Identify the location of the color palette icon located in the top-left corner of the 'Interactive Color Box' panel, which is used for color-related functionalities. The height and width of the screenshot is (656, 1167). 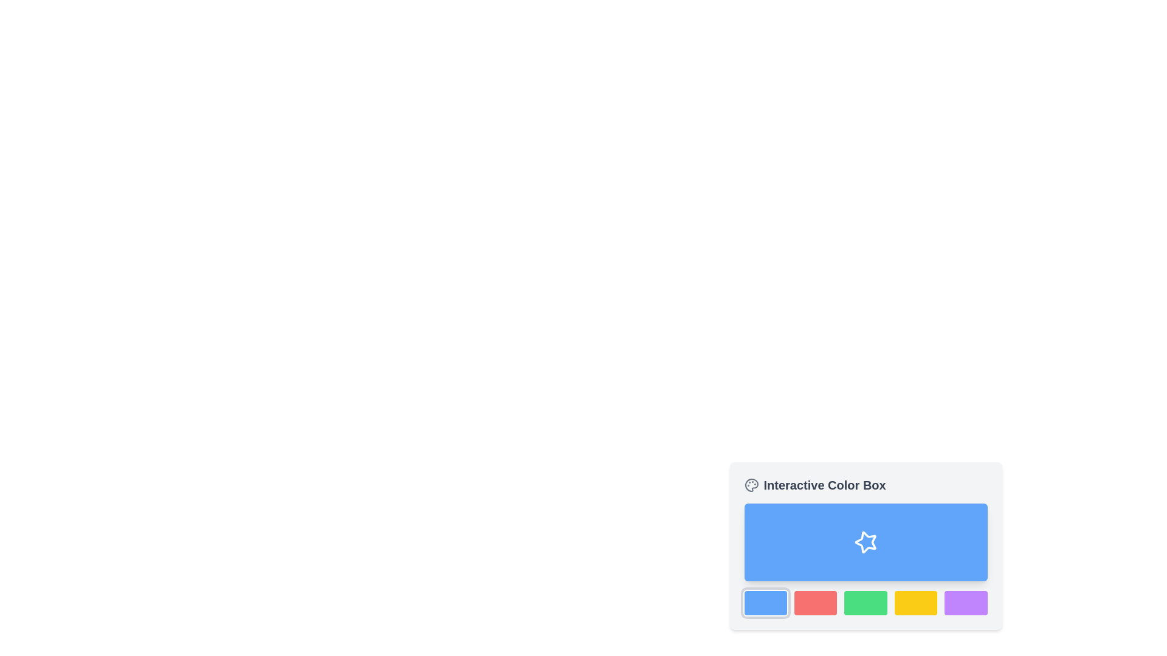
(751, 484).